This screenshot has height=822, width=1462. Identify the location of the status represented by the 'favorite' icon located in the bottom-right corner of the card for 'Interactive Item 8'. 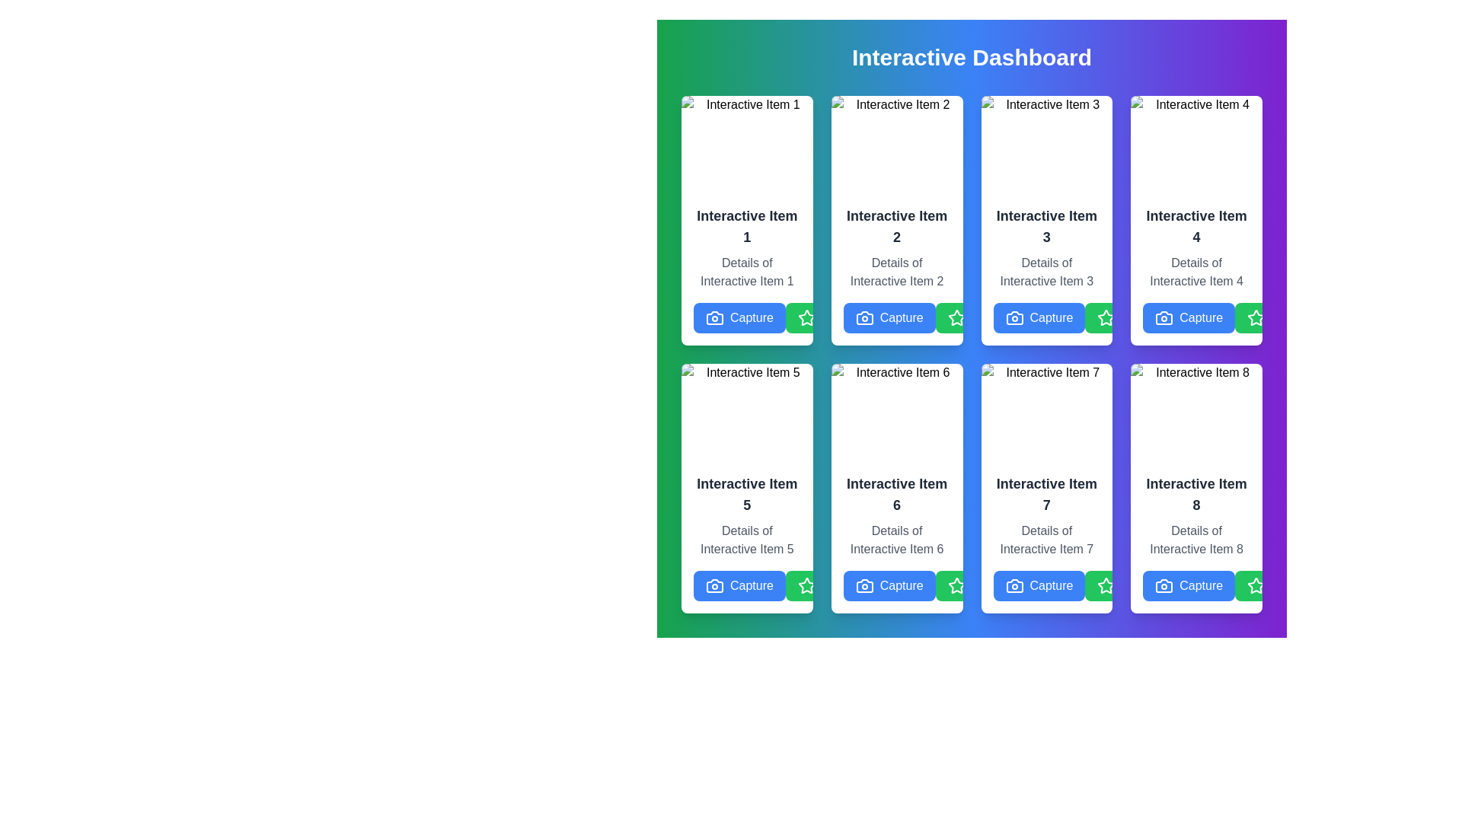
(1256, 585).